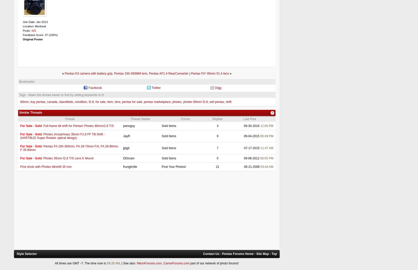  Describe the element at coordinates (217, 166) in the screenshot. I see `'21'` at that location.